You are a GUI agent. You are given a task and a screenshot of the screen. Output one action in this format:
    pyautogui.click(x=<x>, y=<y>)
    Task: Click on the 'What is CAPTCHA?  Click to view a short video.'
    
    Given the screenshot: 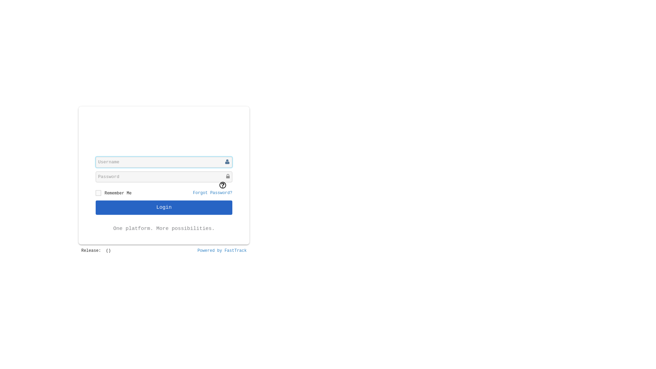 What is the action you would take?
    pyautogui.click(x=223, y=185)
    